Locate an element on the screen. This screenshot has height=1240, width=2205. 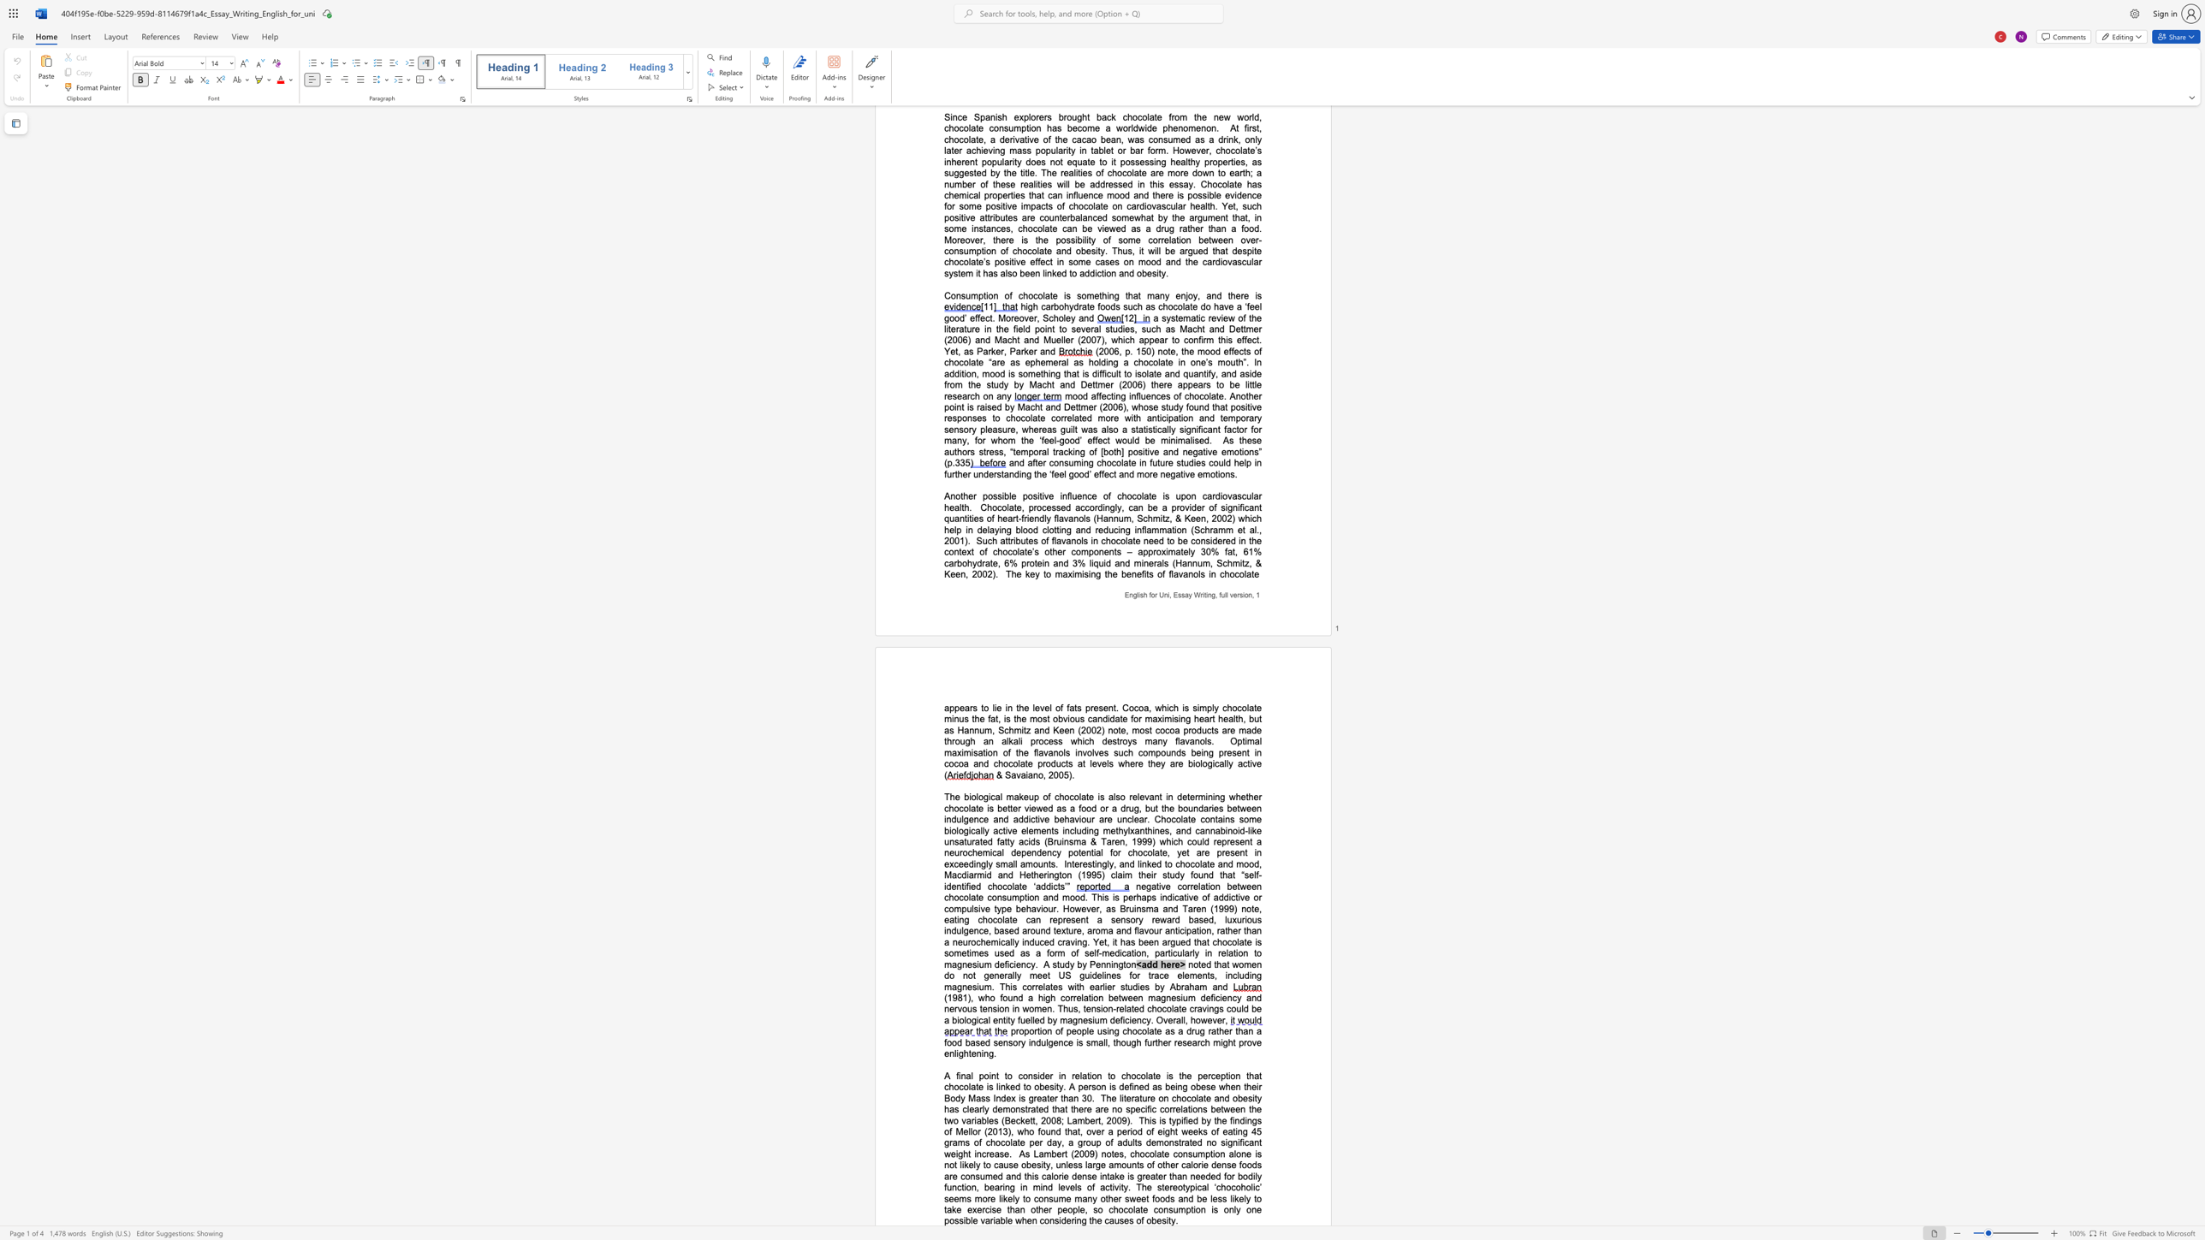
the subset text "chocoholic’ seems more likely to consume many other sweet foods and be less likely to take exe" within the text "of other calorie dense foods are consumed and this calorie dense intake is greater than needed for bodily function, bearing in mind levels of activity. The stereotypical ‘chocoholic’ seems more likely to consume many other sweet foods and be less likely to take exercise than other people, so chocolate consumption is only one possible variable when considering th" is located at coordinates (1215, 1187).